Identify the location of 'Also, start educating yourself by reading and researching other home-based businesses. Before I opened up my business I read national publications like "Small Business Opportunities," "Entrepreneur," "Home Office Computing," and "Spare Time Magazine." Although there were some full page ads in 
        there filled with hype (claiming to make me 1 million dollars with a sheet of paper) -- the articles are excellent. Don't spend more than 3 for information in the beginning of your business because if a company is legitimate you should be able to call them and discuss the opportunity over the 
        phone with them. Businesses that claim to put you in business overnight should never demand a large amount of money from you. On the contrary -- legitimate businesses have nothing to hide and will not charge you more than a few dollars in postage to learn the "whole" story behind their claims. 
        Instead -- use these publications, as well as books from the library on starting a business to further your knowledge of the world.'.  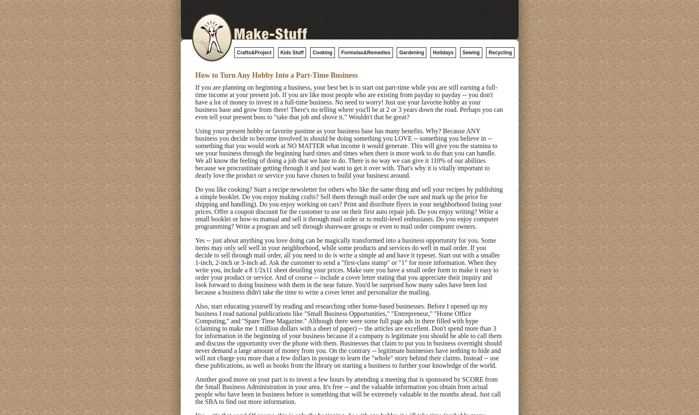
(348, 336).